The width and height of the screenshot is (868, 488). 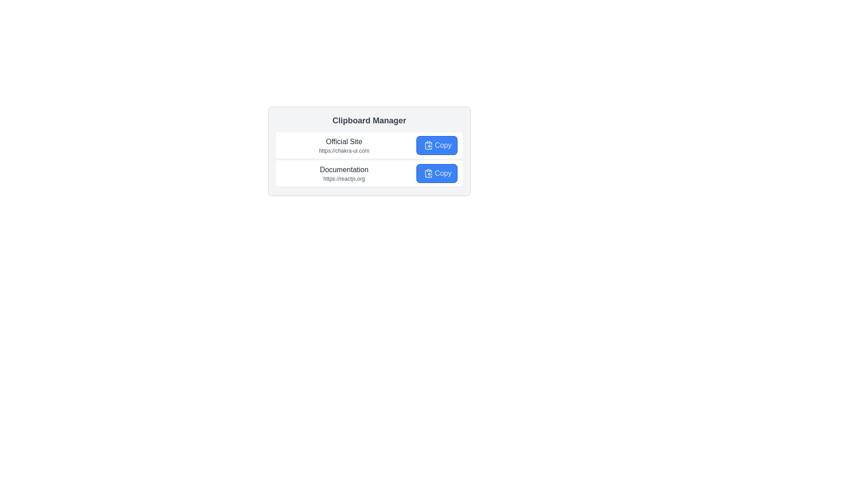 I want to click on the copy icon located within the 'Copy' button of the 'Documentation' row in the 'Clipboard Manager' interface, so click(x=428, y=174).